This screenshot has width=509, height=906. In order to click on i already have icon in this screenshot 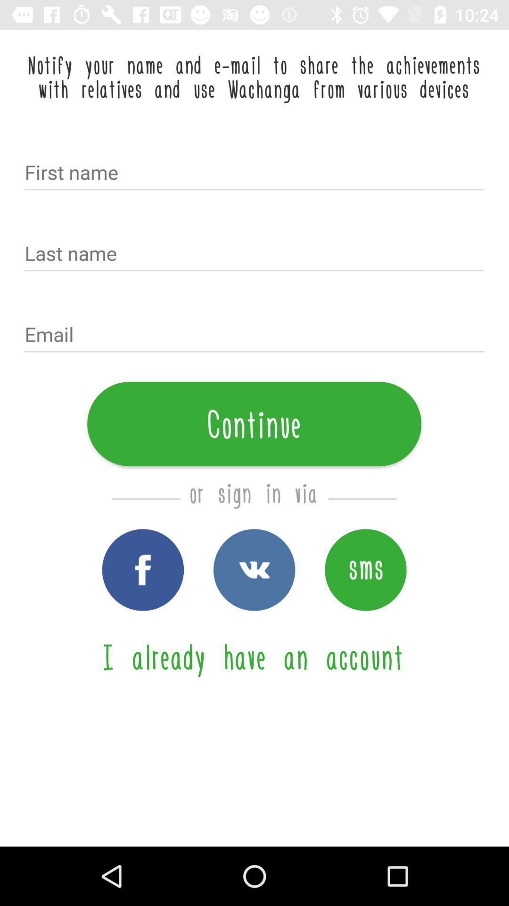, I will do `click(254, 656)`.